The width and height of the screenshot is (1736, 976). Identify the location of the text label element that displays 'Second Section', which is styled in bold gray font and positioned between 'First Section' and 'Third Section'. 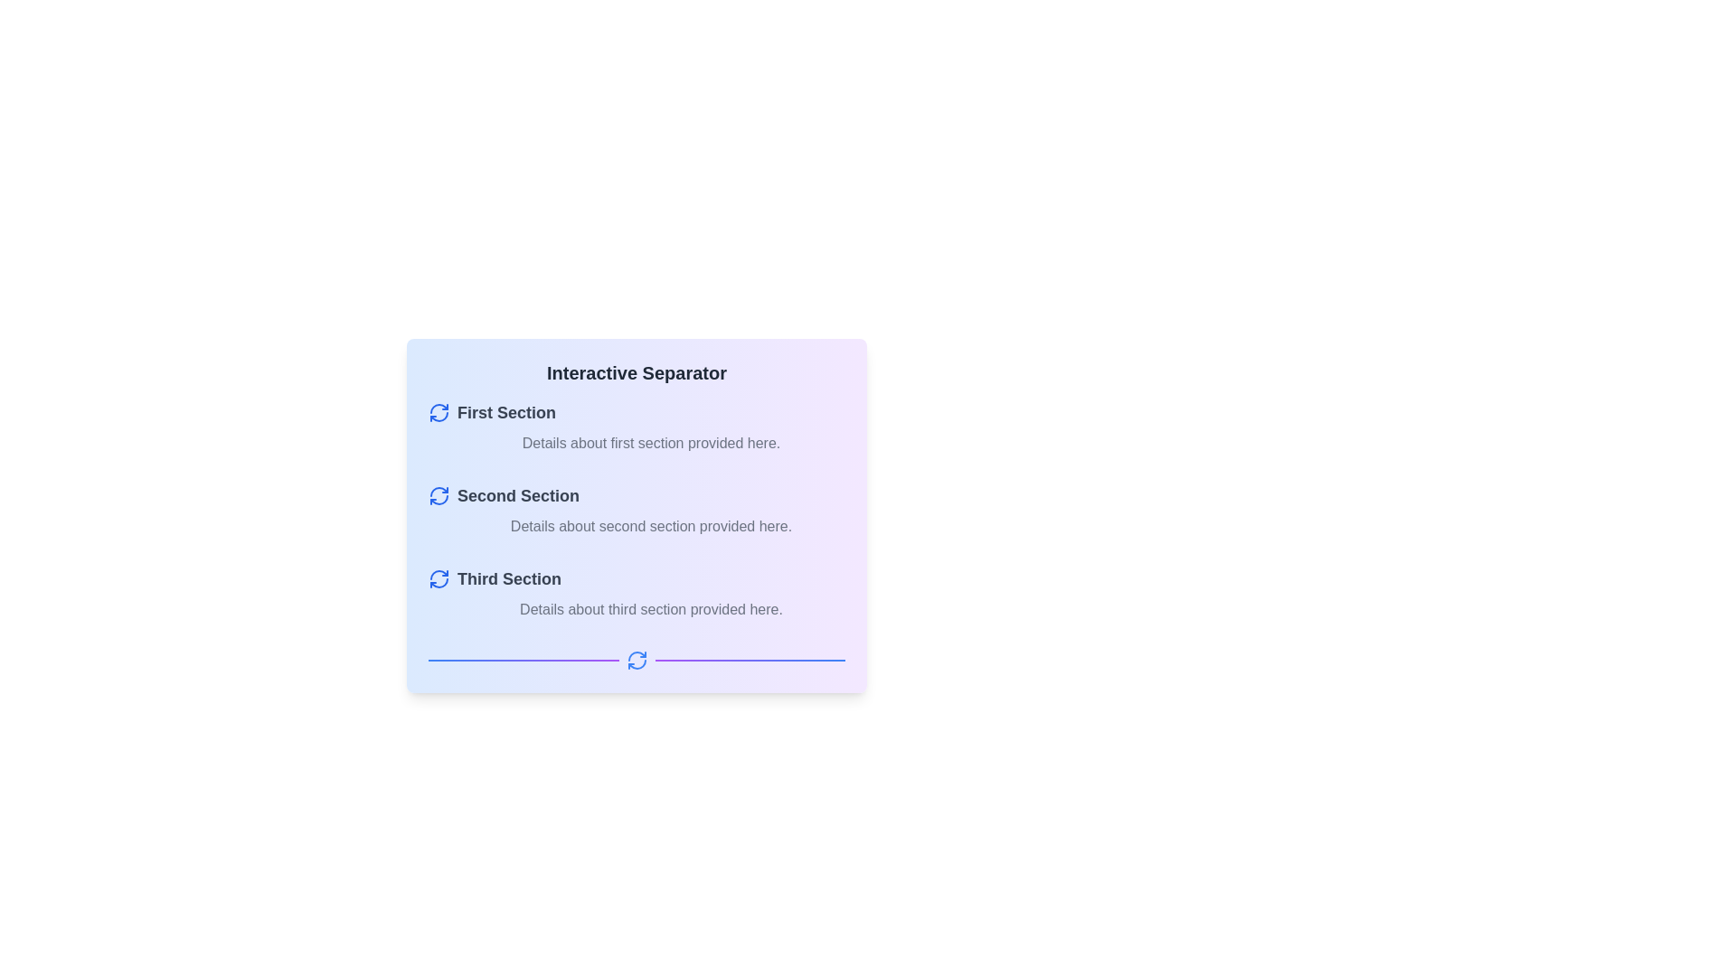
(517, 495).